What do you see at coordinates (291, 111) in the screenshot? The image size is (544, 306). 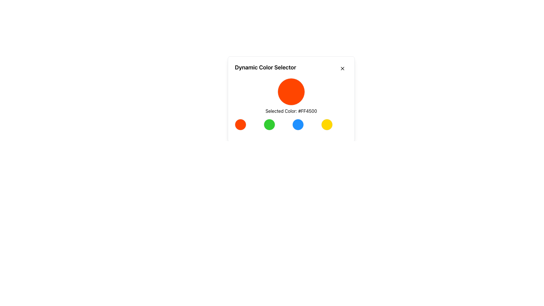 I see `the text label displaying 'Selected Color: #FF4500', which is center-aligned and located below a large orange circular element` at bounding box center [291, 111].